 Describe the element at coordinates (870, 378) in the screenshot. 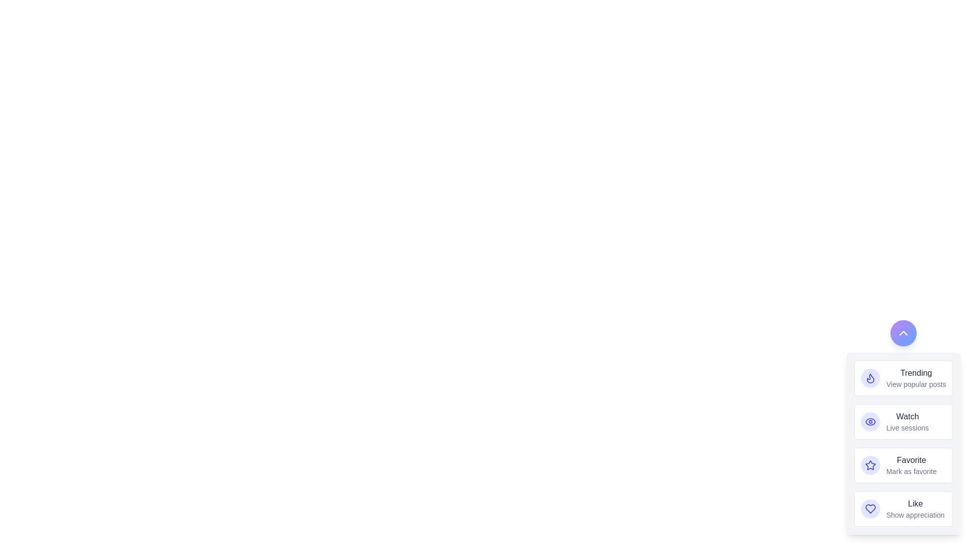

I see `the Trending button to trigger its functionality` at that location.